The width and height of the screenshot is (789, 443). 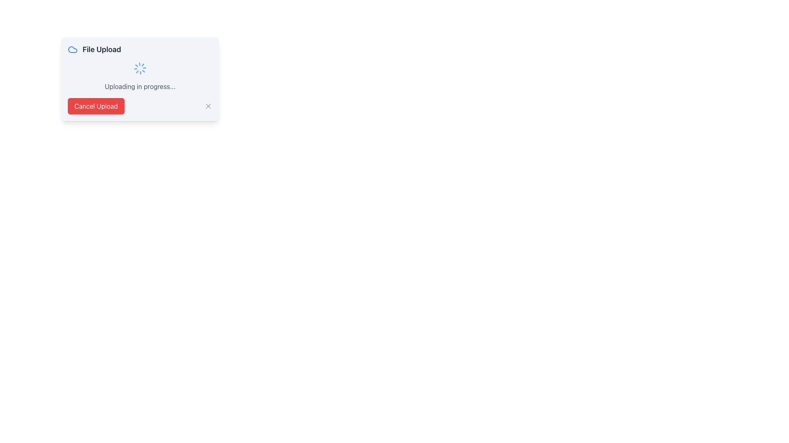 What do you see at coordinates (101, 49) in the screenshot?
I see `the 'File Upload' text label, which is displayed in bold, large dark gray font and positioned to the right of a blue cloud icon` at bounding box center [101, 49].